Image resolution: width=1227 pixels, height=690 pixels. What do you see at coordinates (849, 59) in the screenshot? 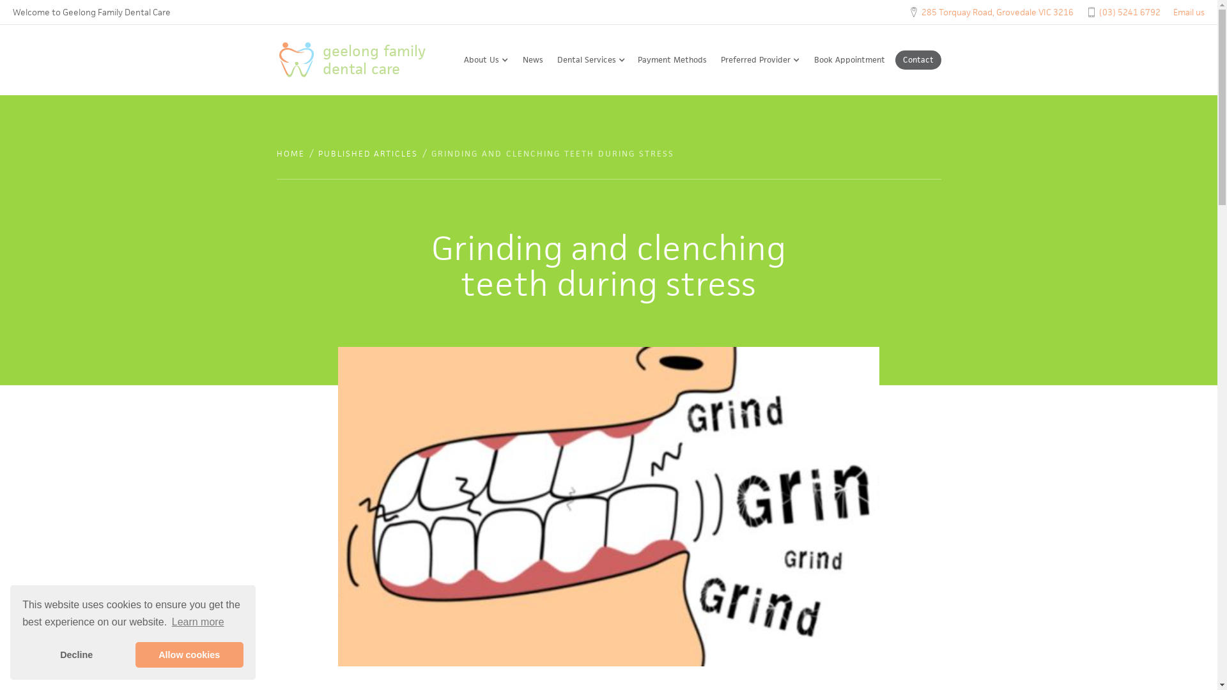
I see `'Book Appointment'` at bounding box center [849, 59].